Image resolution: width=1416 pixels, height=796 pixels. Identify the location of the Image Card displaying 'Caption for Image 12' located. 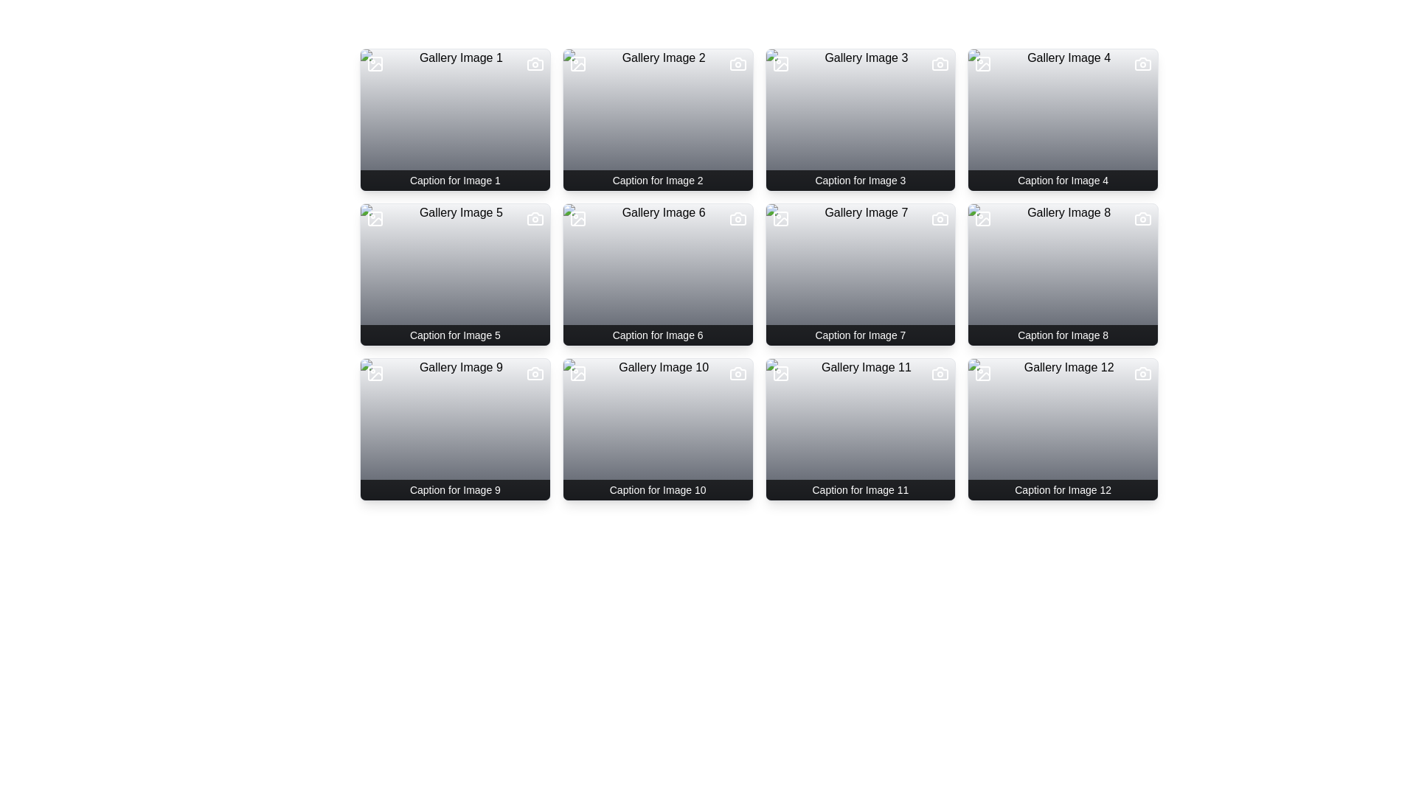
(1063, 429).